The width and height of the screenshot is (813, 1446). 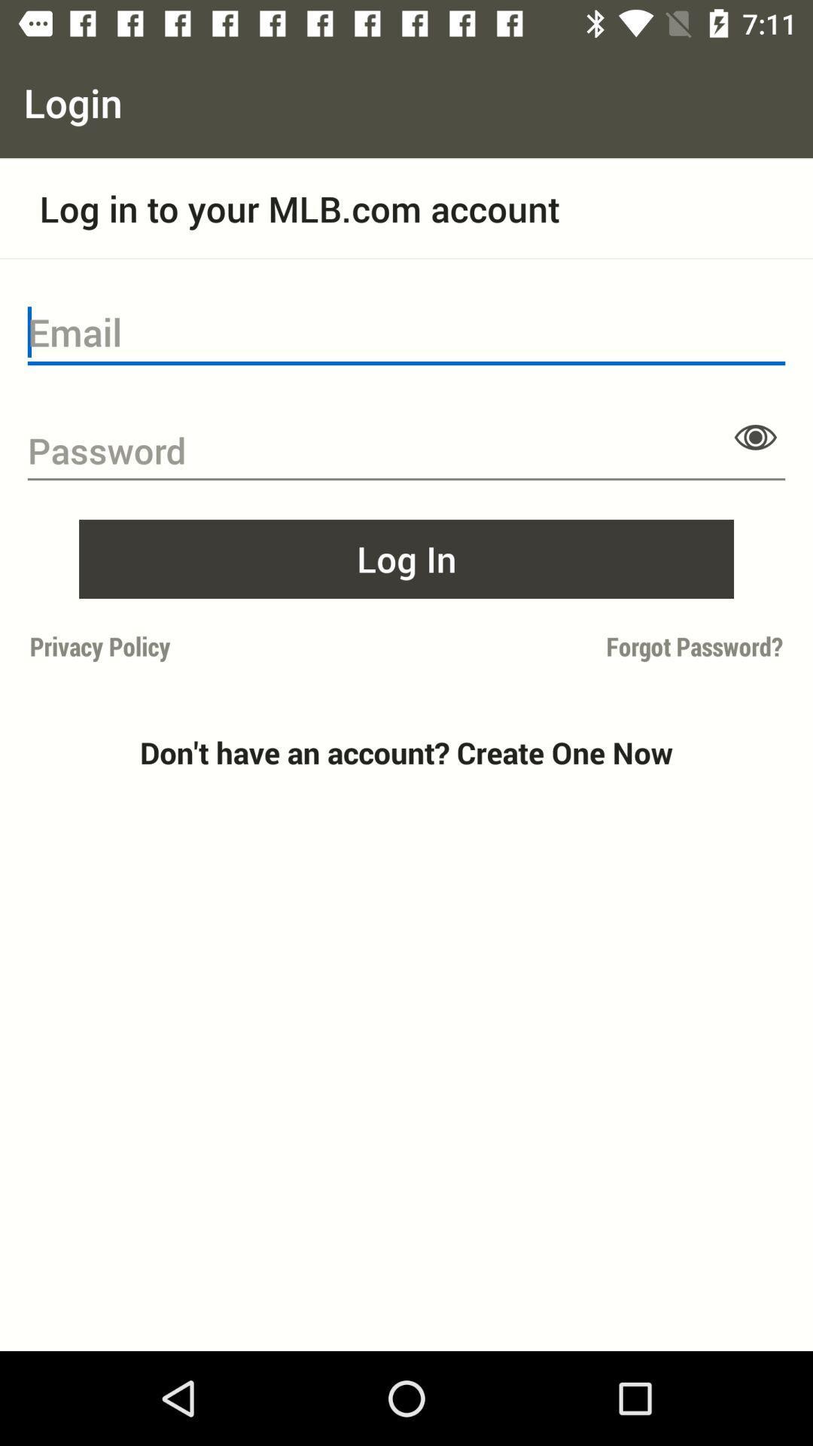 What do you see at coordinates (213, 646) in the screenshot?
I see `the item below log in icon` at bounding box center [213, 646].